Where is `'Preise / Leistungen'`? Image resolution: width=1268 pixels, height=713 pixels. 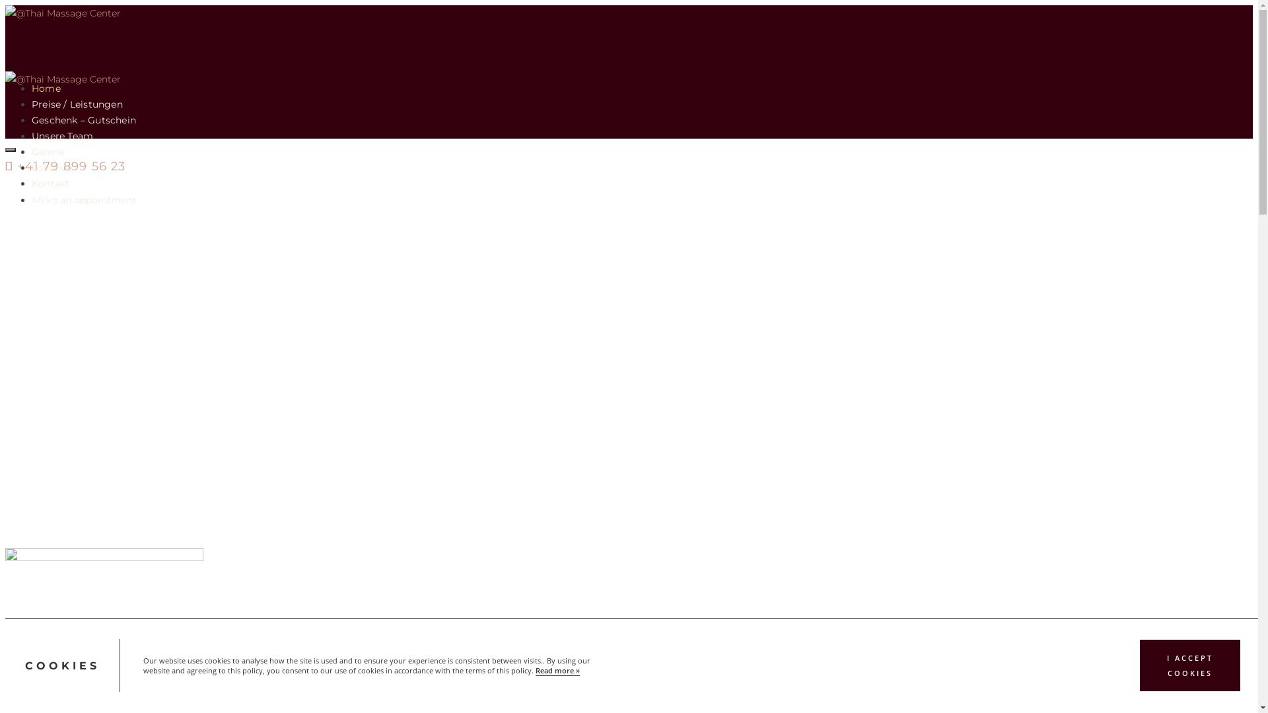 'Preise / Leistungen' is located at coordinates (32, 104).